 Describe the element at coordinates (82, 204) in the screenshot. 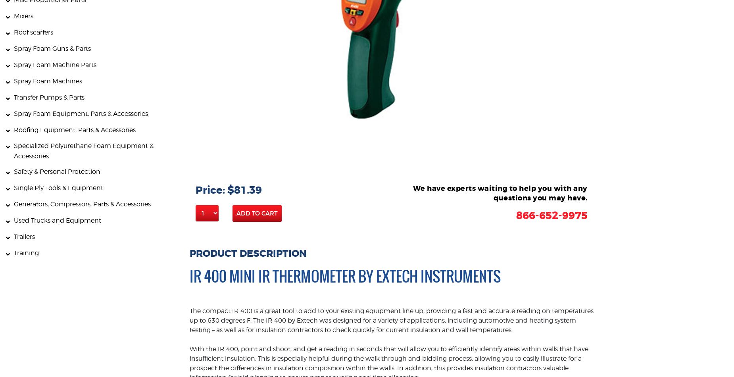

I see `'Generators, Compressors, Parts & Accessories'` at that location.